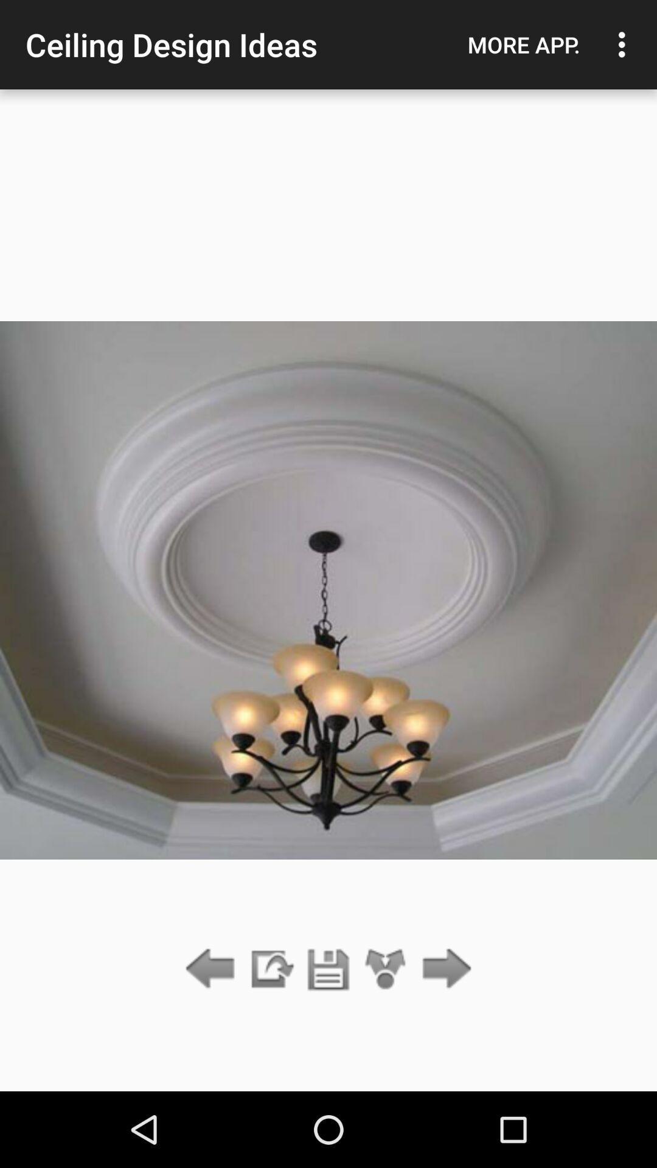 Image resolution: width=657 pixels, height=1168 pixels. I want to click on the item at the bottom right corner, so click(443, 969).